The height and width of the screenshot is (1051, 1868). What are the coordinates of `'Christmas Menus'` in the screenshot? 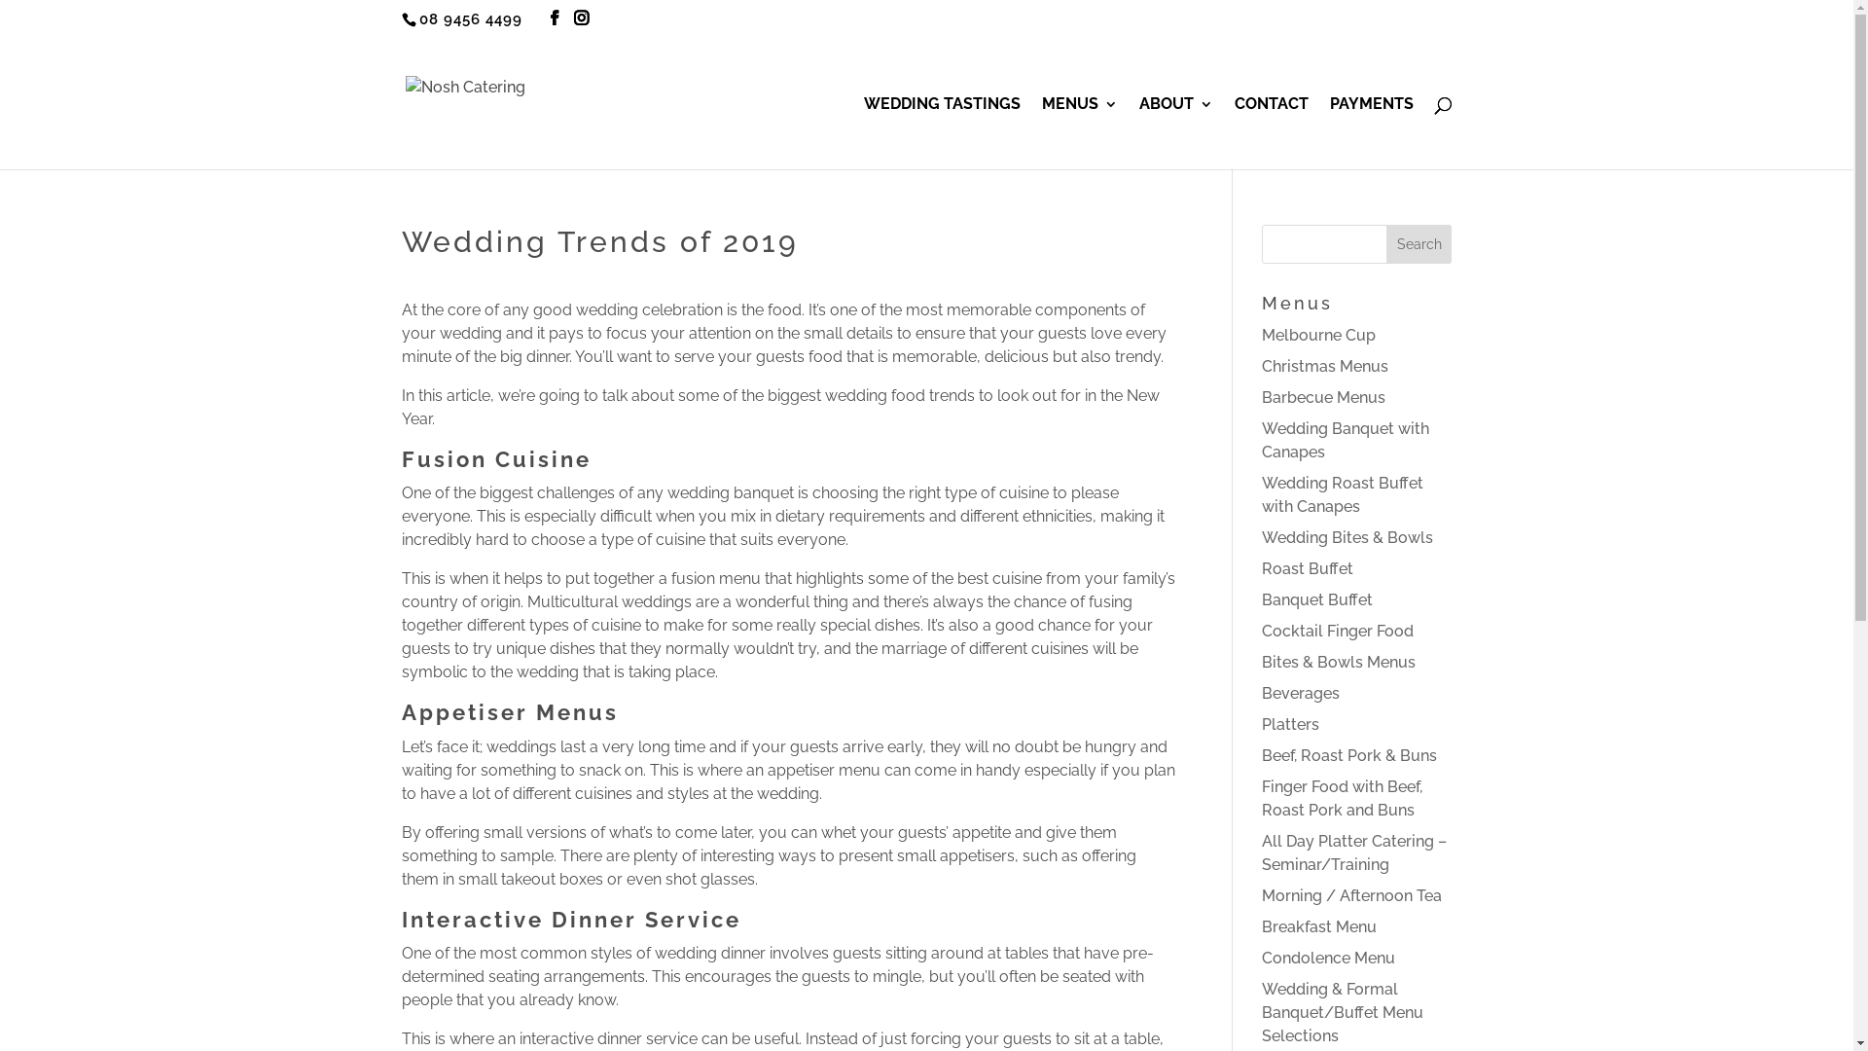 It's located at (1324, 366).